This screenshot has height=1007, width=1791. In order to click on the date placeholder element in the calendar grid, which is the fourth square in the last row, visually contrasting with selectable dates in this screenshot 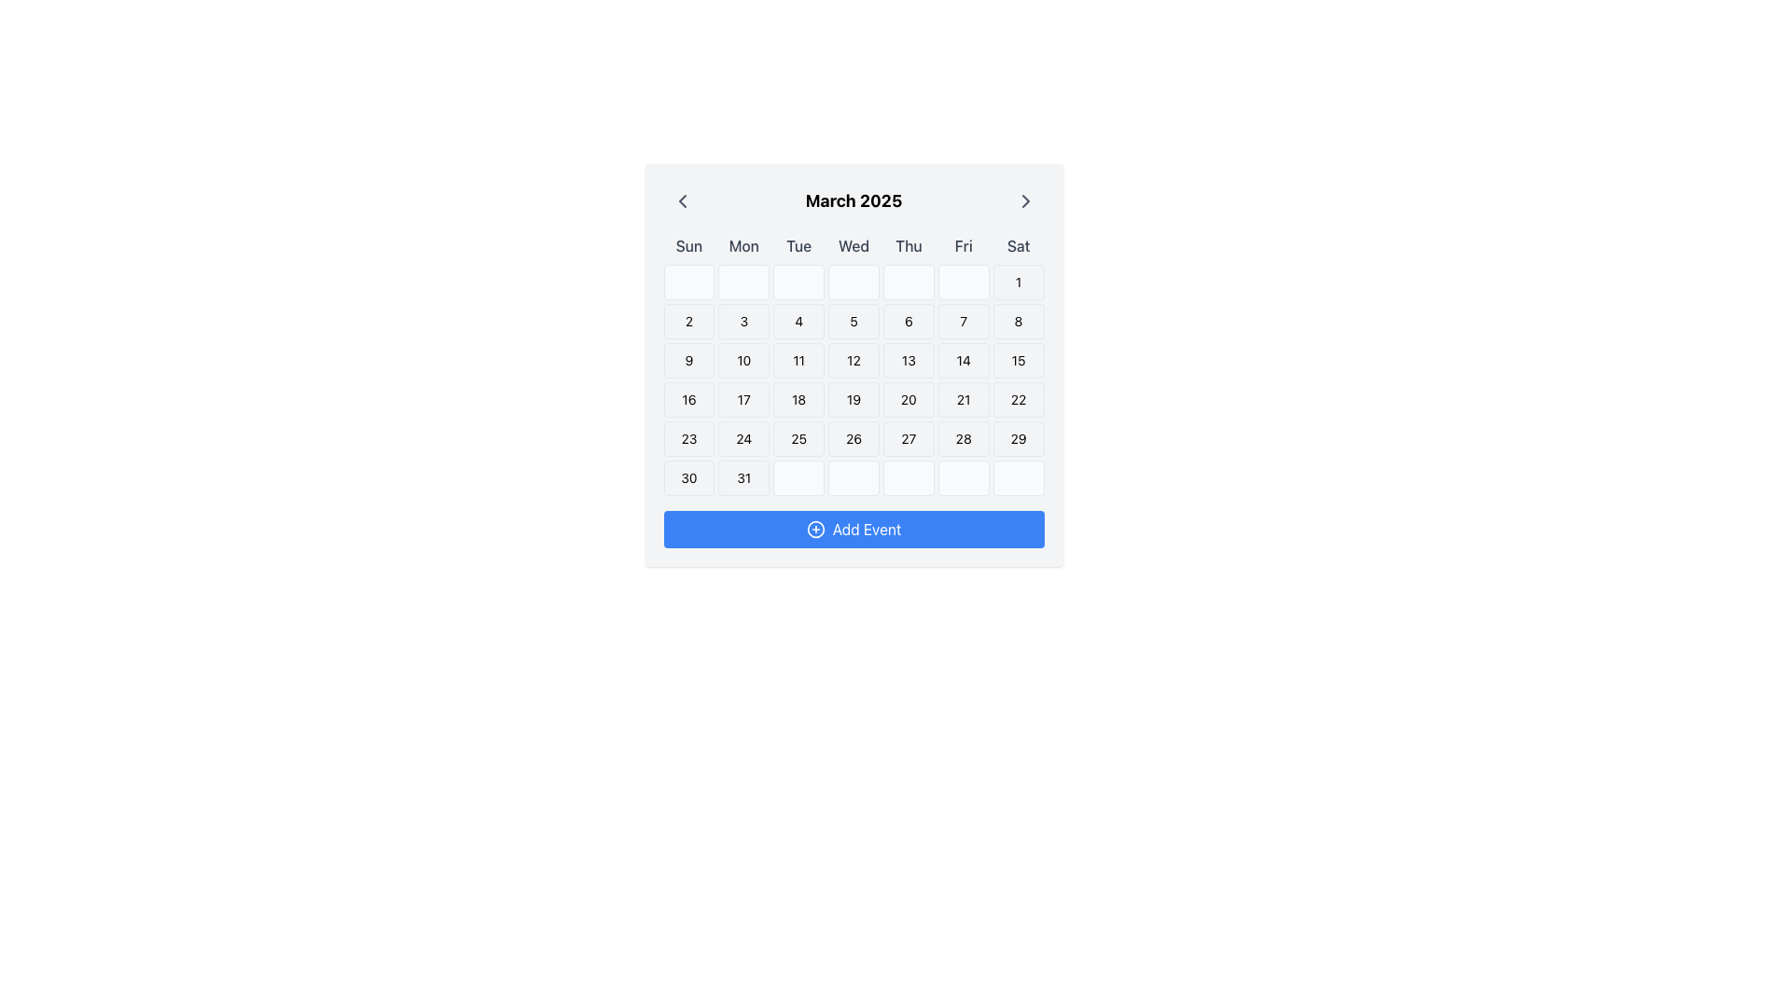, I will do `click(853, 477)`.